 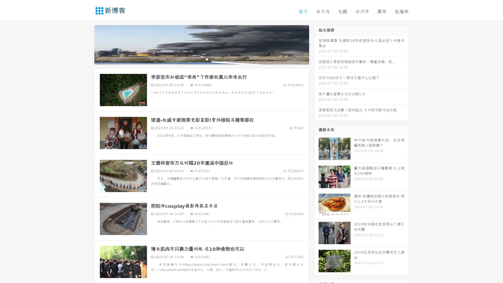 What do you see at coordinates (207, 59) in the screenshot?
I see `Go to slide 3` at bounding box center [207, 59].